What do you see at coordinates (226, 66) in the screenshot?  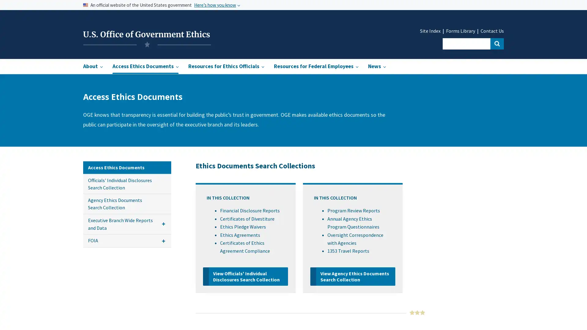 I see `Resources for Ethics Officials` at bounding box center [226, 66].